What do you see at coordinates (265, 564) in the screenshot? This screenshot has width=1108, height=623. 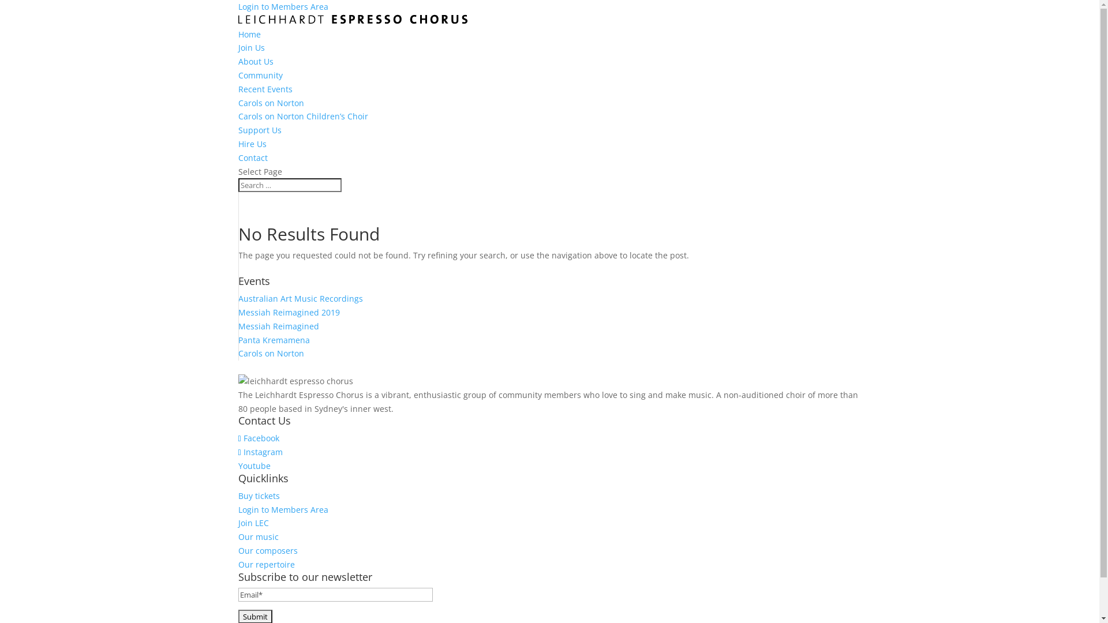 I see `'Our repertoire'` at bounding box center [265, 564].